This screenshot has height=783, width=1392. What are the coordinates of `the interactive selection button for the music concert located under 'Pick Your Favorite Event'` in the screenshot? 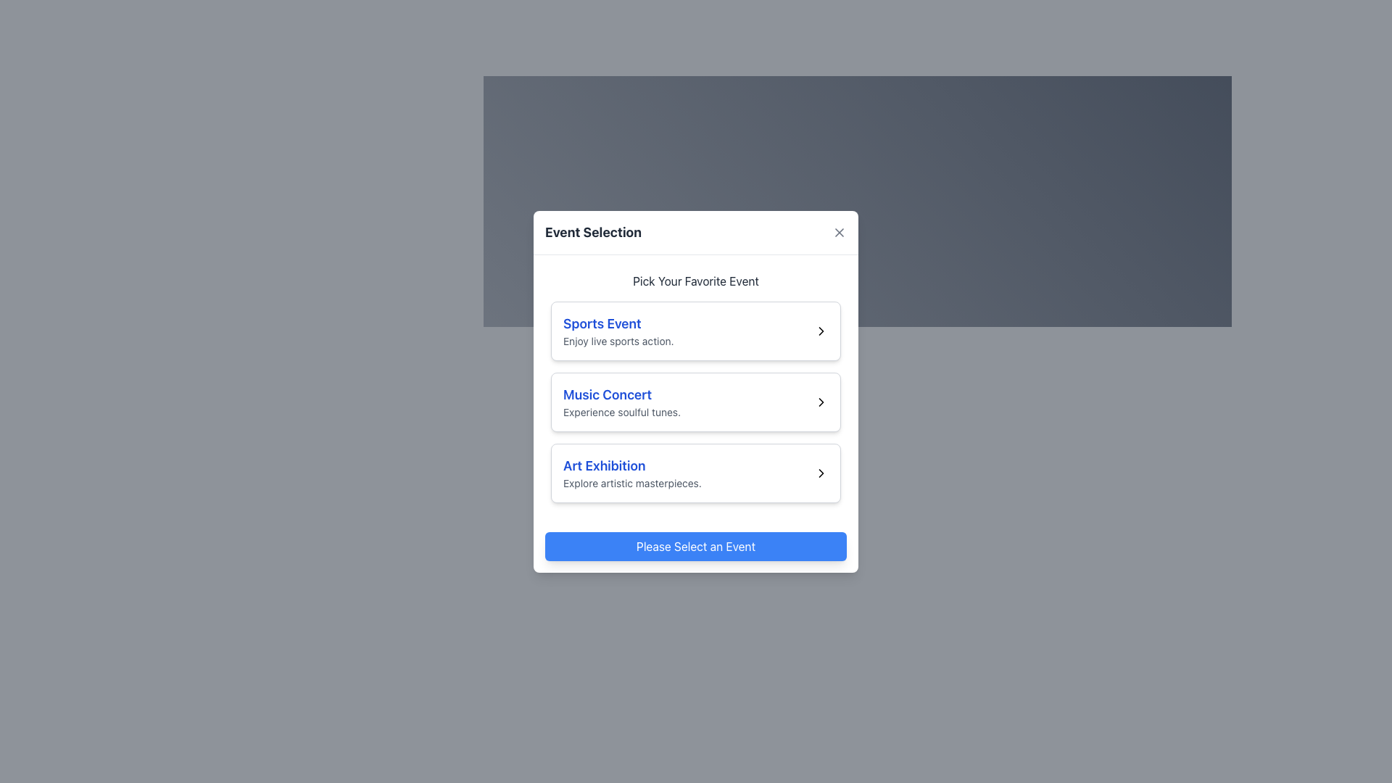 It's located at (696, 386).